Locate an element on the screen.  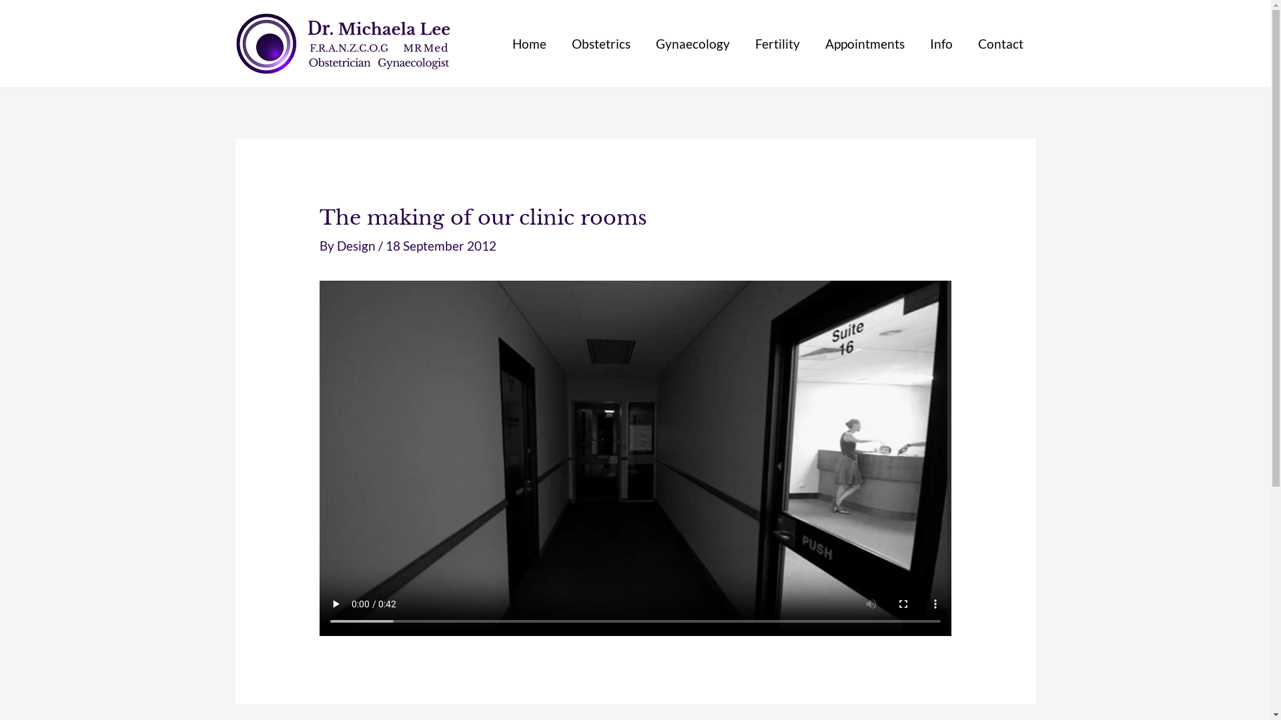
'Obstetrics' is located at coordinates (600, 43).